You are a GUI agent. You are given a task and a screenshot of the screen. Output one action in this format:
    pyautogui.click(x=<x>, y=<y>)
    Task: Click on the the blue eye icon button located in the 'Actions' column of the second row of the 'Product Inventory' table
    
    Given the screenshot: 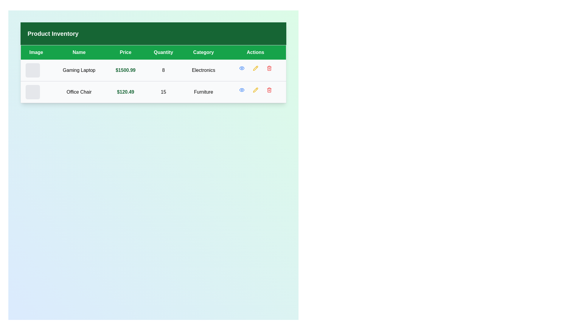 What is the action you would take?
    pyautogui.click(x=242, y=68)
    